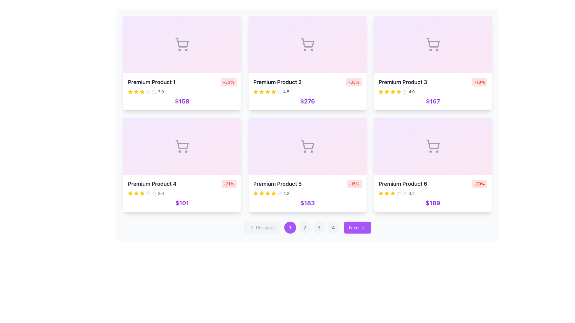 This screenshot has width=575, height=323. What do you see at coordinates (387, 92) in the screenshot?
I see `the third star icon in the rating row for the 'Premium Product 3'` at bounding box center [387, 92].